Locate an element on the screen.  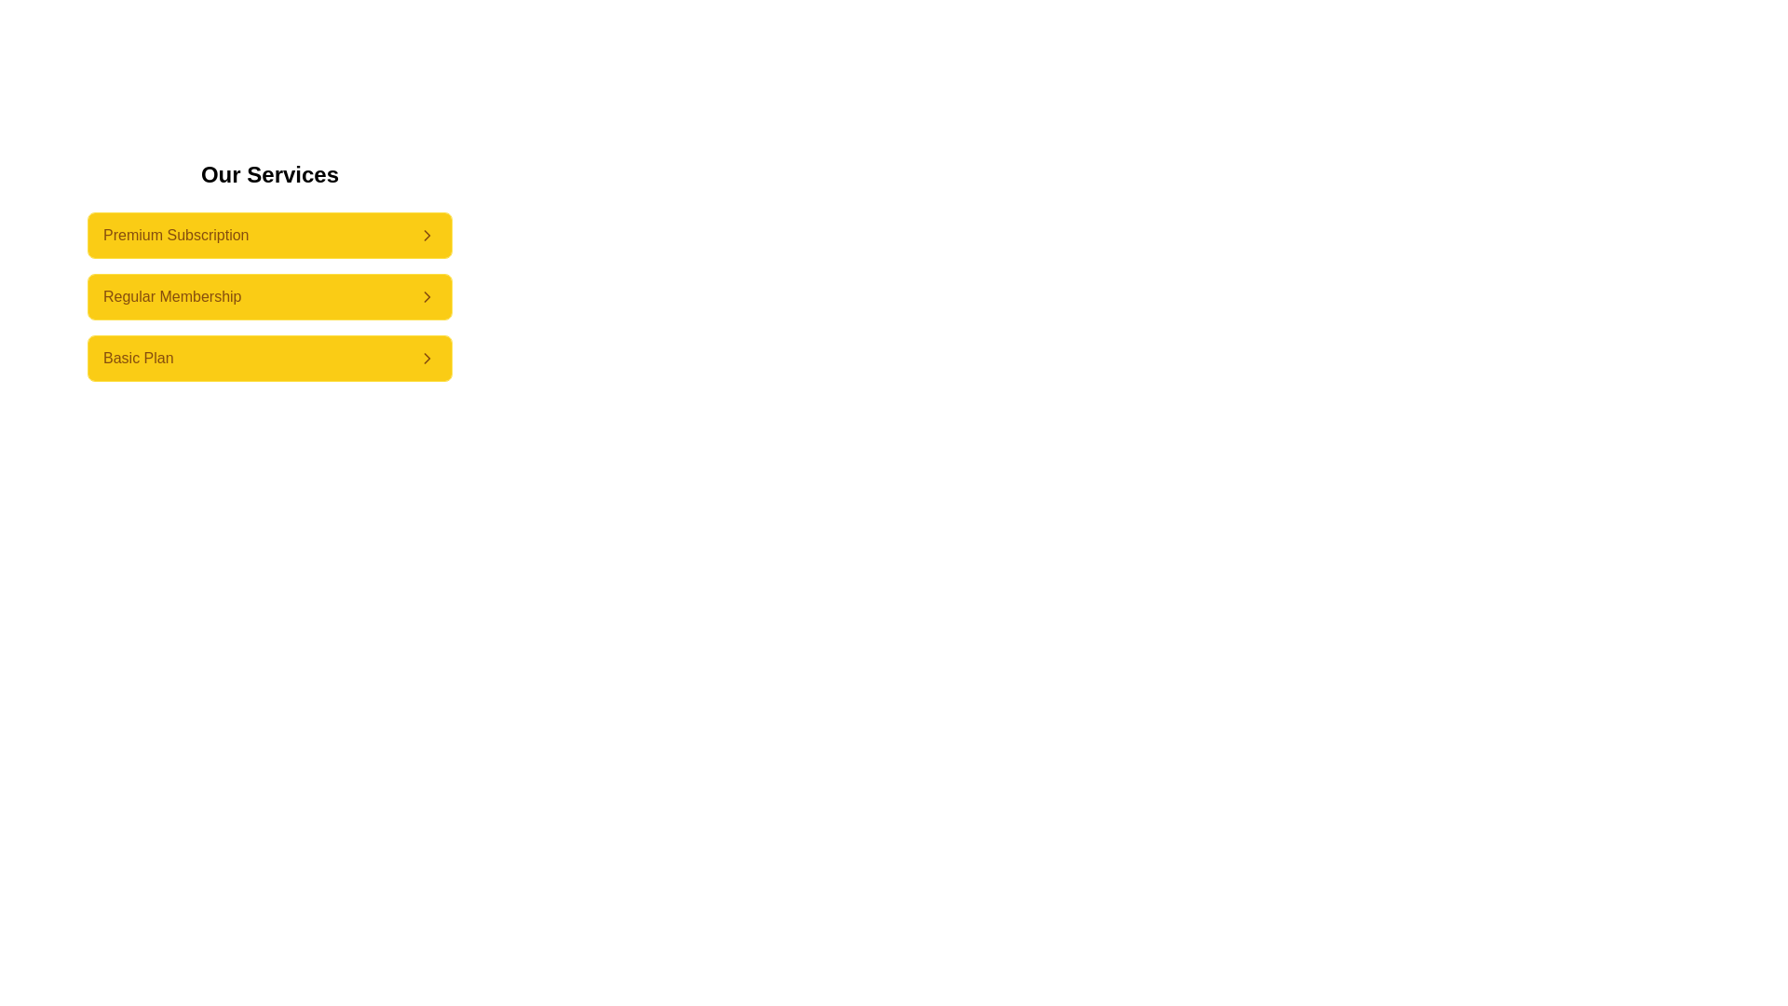
the 'Basic Plan' text label within the button is located at coordinates (137, 359).